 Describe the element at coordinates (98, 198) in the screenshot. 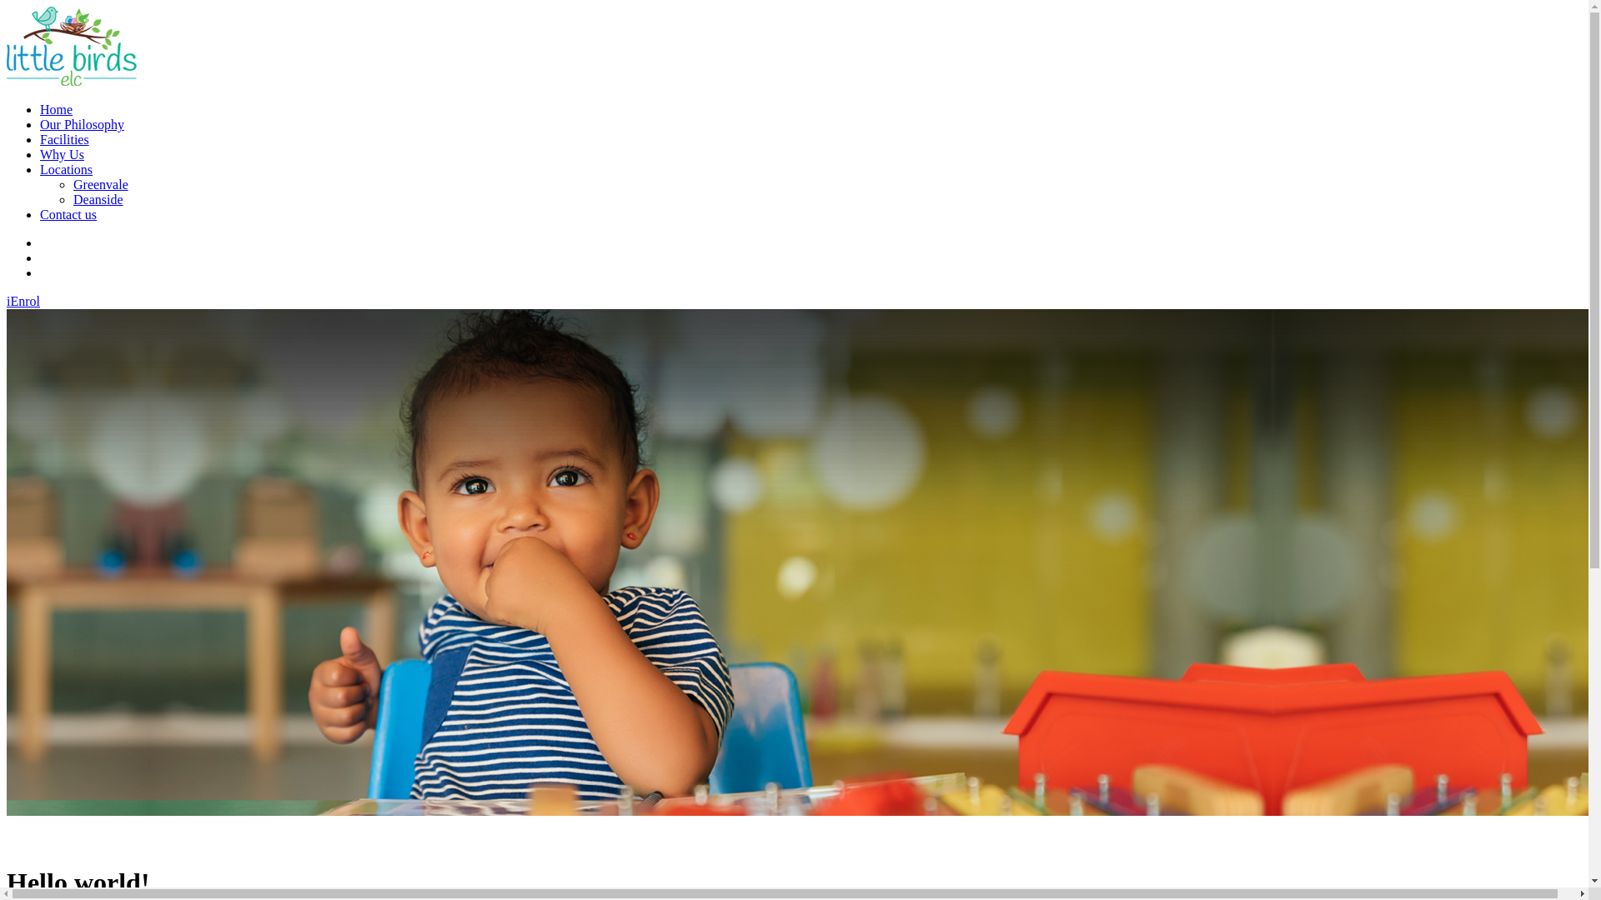

I see `'Deanside'` at that location.